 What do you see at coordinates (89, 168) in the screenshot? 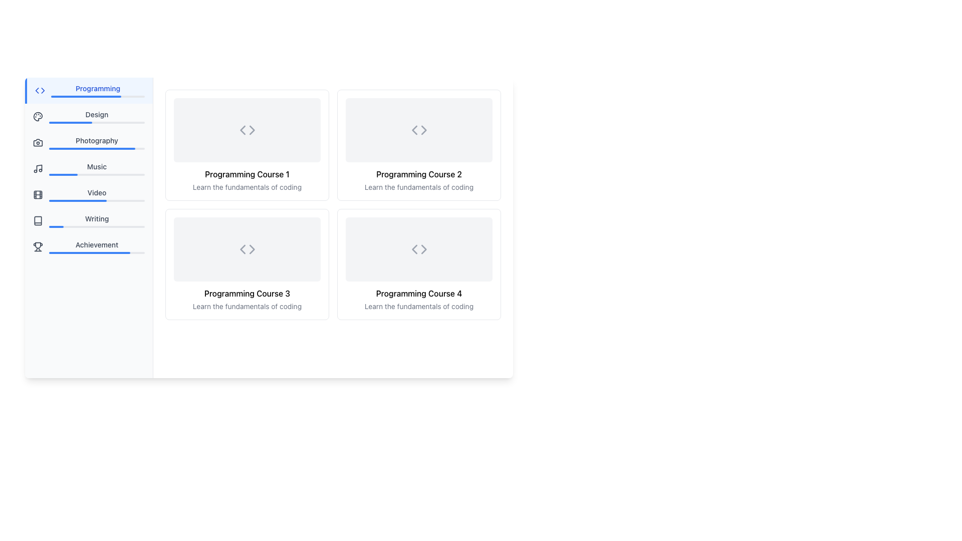
I see `the 'Music' button in the navigation menu, which is the fourth item below 'Photography' and above 'Video'` at bounding box center [89, 168].